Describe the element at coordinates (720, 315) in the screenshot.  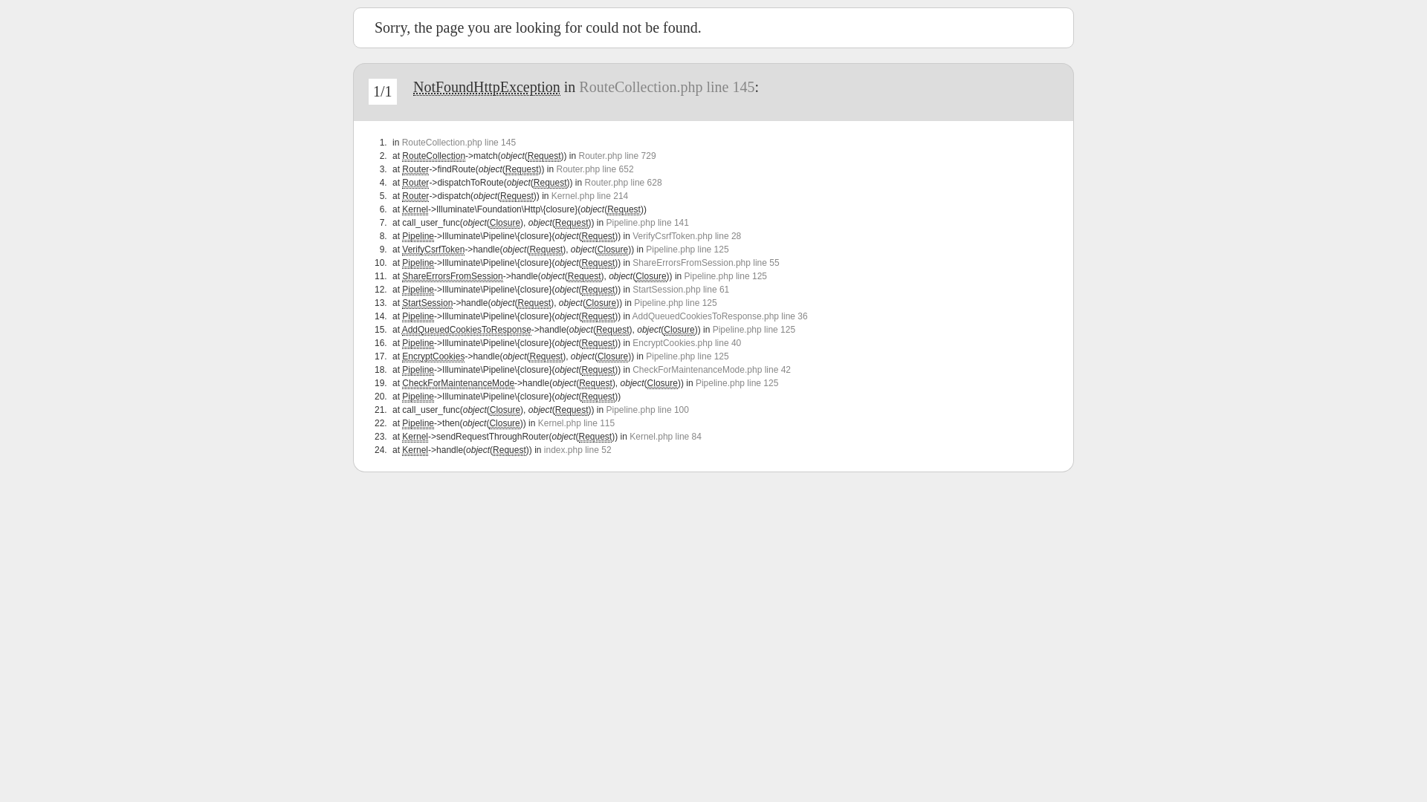
I see `'AddQueuedCookiesToResponse.php line 36'` at that location.